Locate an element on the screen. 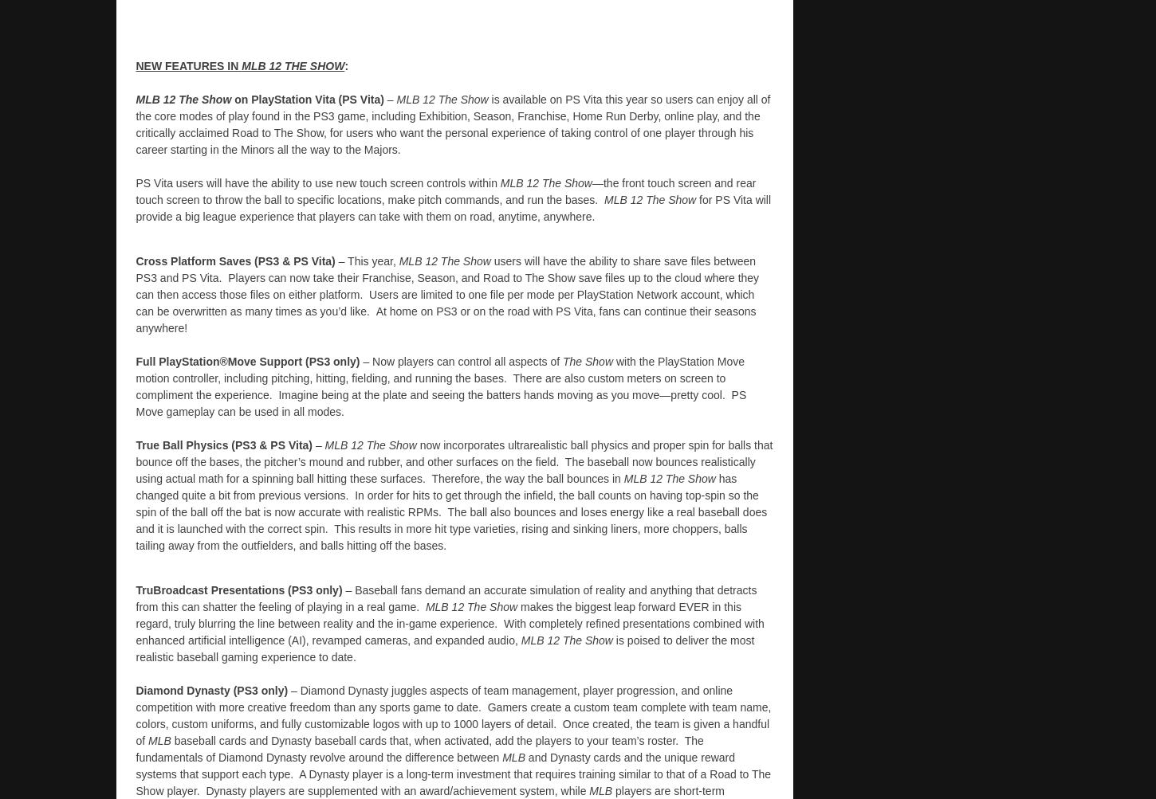 The width and height of the screenshot is (1156, 799). 'Cross Platform Saves (PS3 & PS Vita)' is located at coordinates (134, 259).